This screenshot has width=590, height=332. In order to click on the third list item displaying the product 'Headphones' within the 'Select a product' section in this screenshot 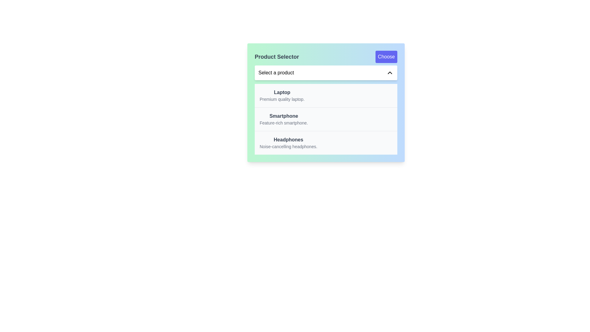, I will do `click(325, 143)`.